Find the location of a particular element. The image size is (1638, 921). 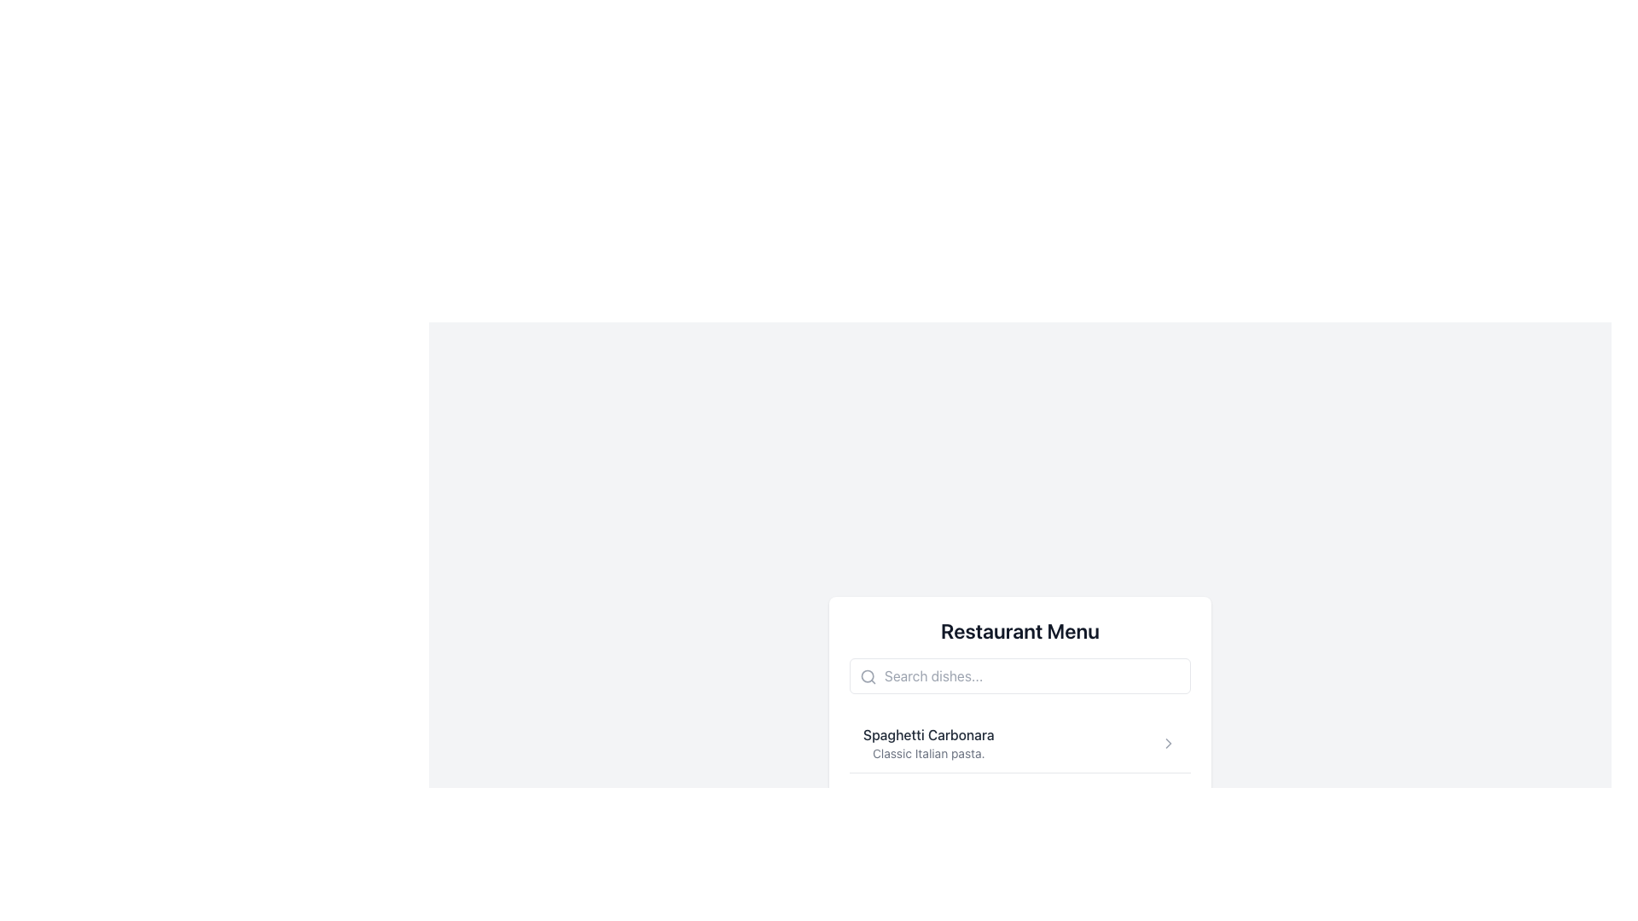

the static search icon positioned to the left of the input field for searching is located at coordinates (868, 675).